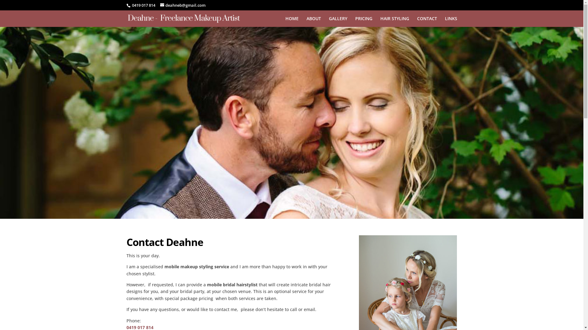  I want to click on 'PRICING', so click(364, 21).